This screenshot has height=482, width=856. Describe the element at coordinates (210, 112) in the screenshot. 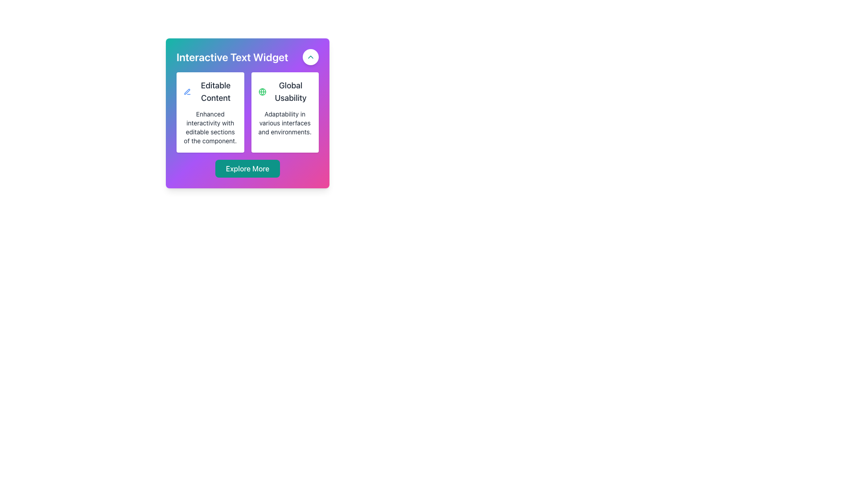

I see `the Informational Card, which is the first card on the left in a two-column grid` at that location.